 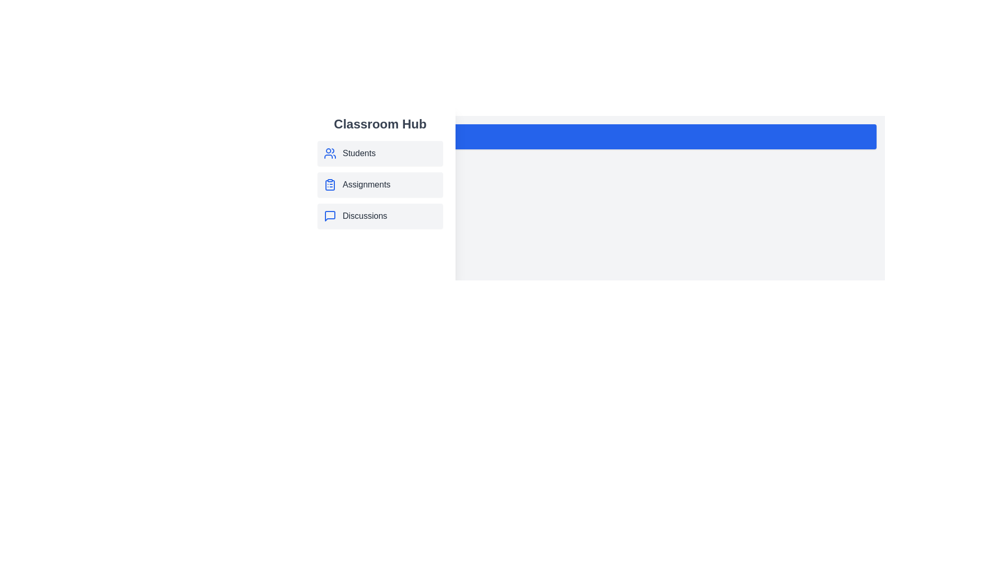 I want to click on the 'Menu' button to toggle the drawer visibility, so click(x=601, y=136).